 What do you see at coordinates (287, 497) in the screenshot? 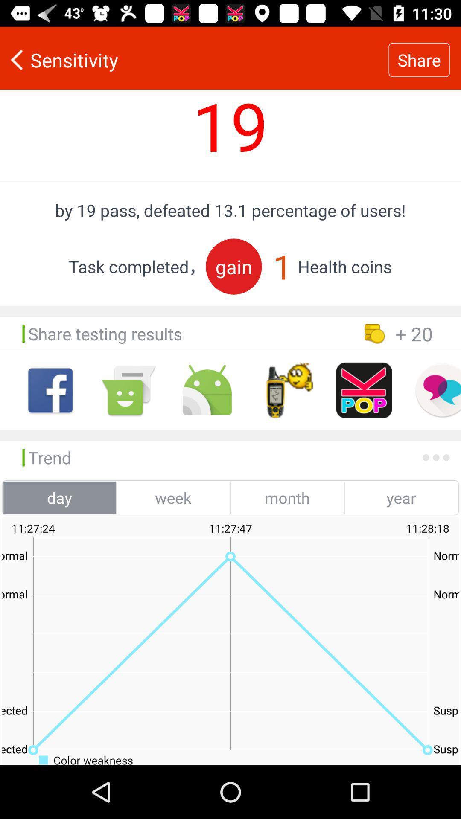
I see `the month icon` at bounding box center [287, 497].